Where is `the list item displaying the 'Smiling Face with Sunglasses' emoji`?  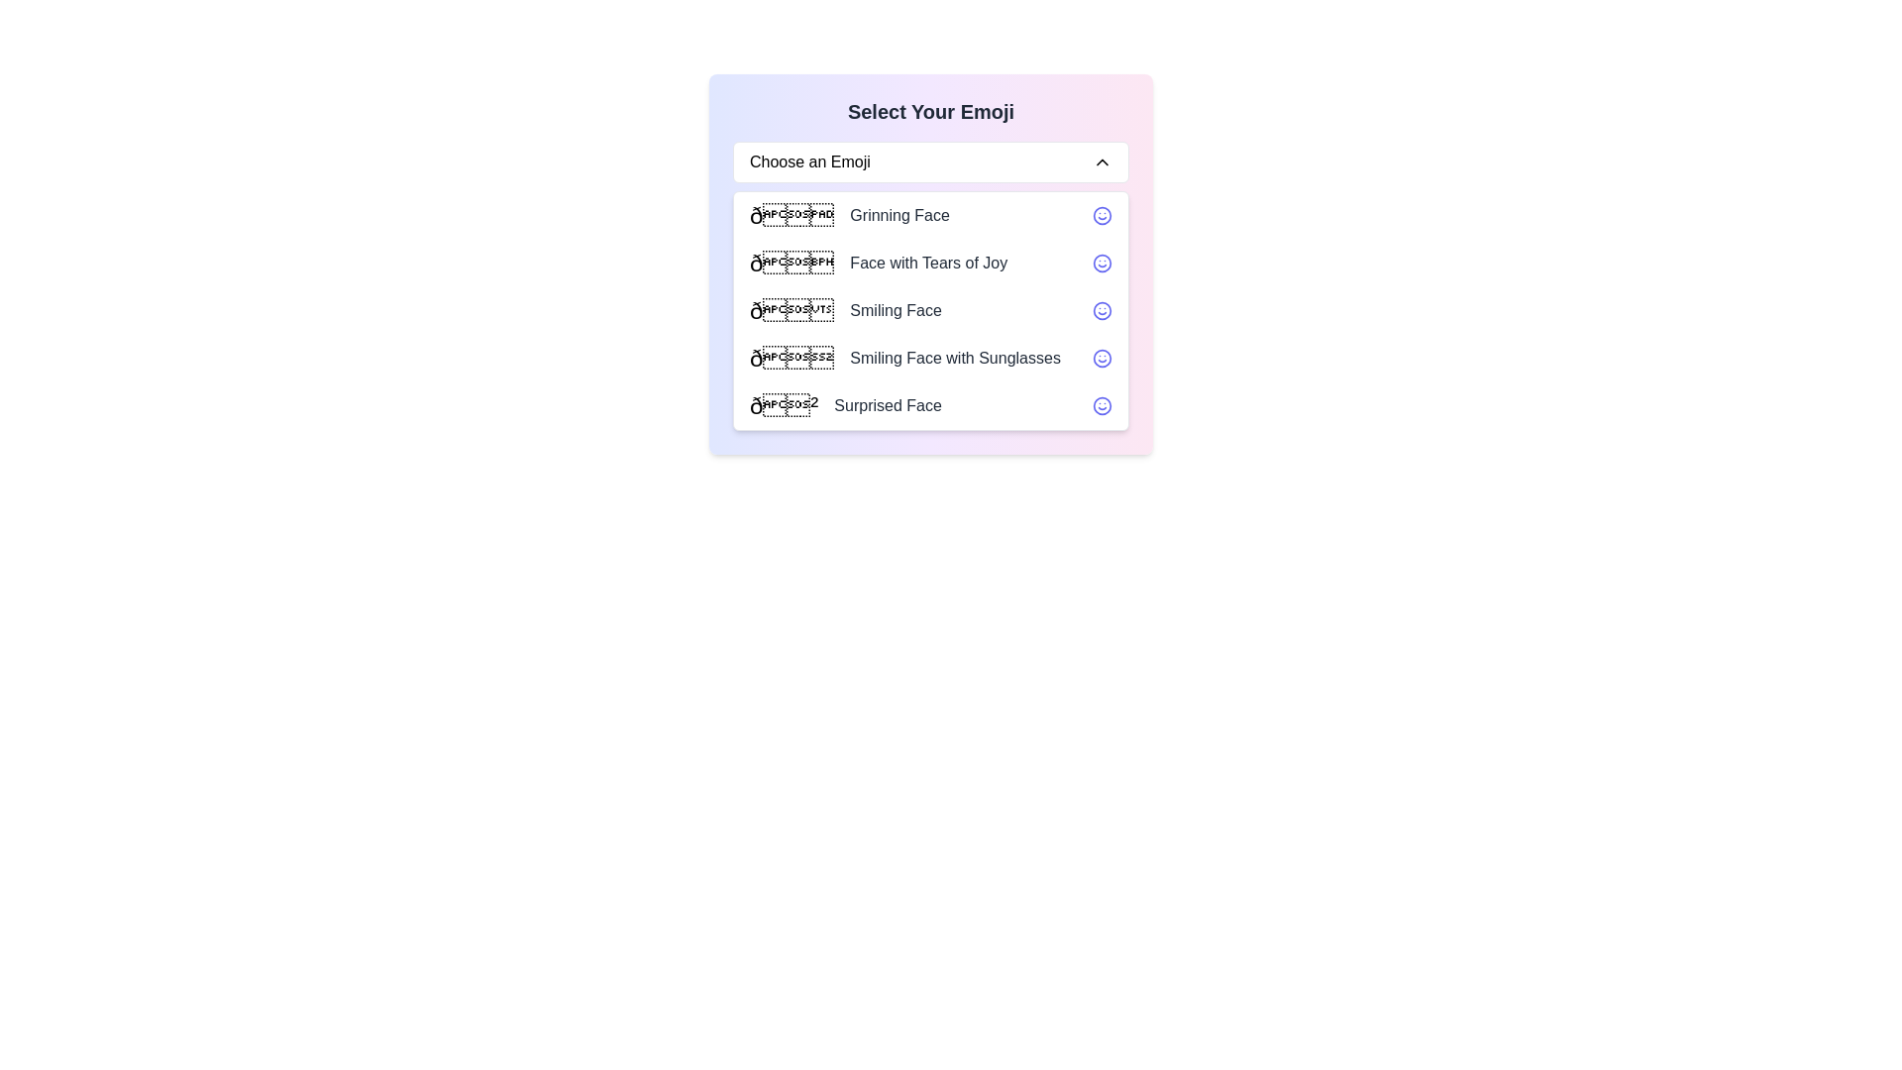
the list item displaying the 'Smiling Face with Sunglasses' emoji is located at coordinates (903, 359).